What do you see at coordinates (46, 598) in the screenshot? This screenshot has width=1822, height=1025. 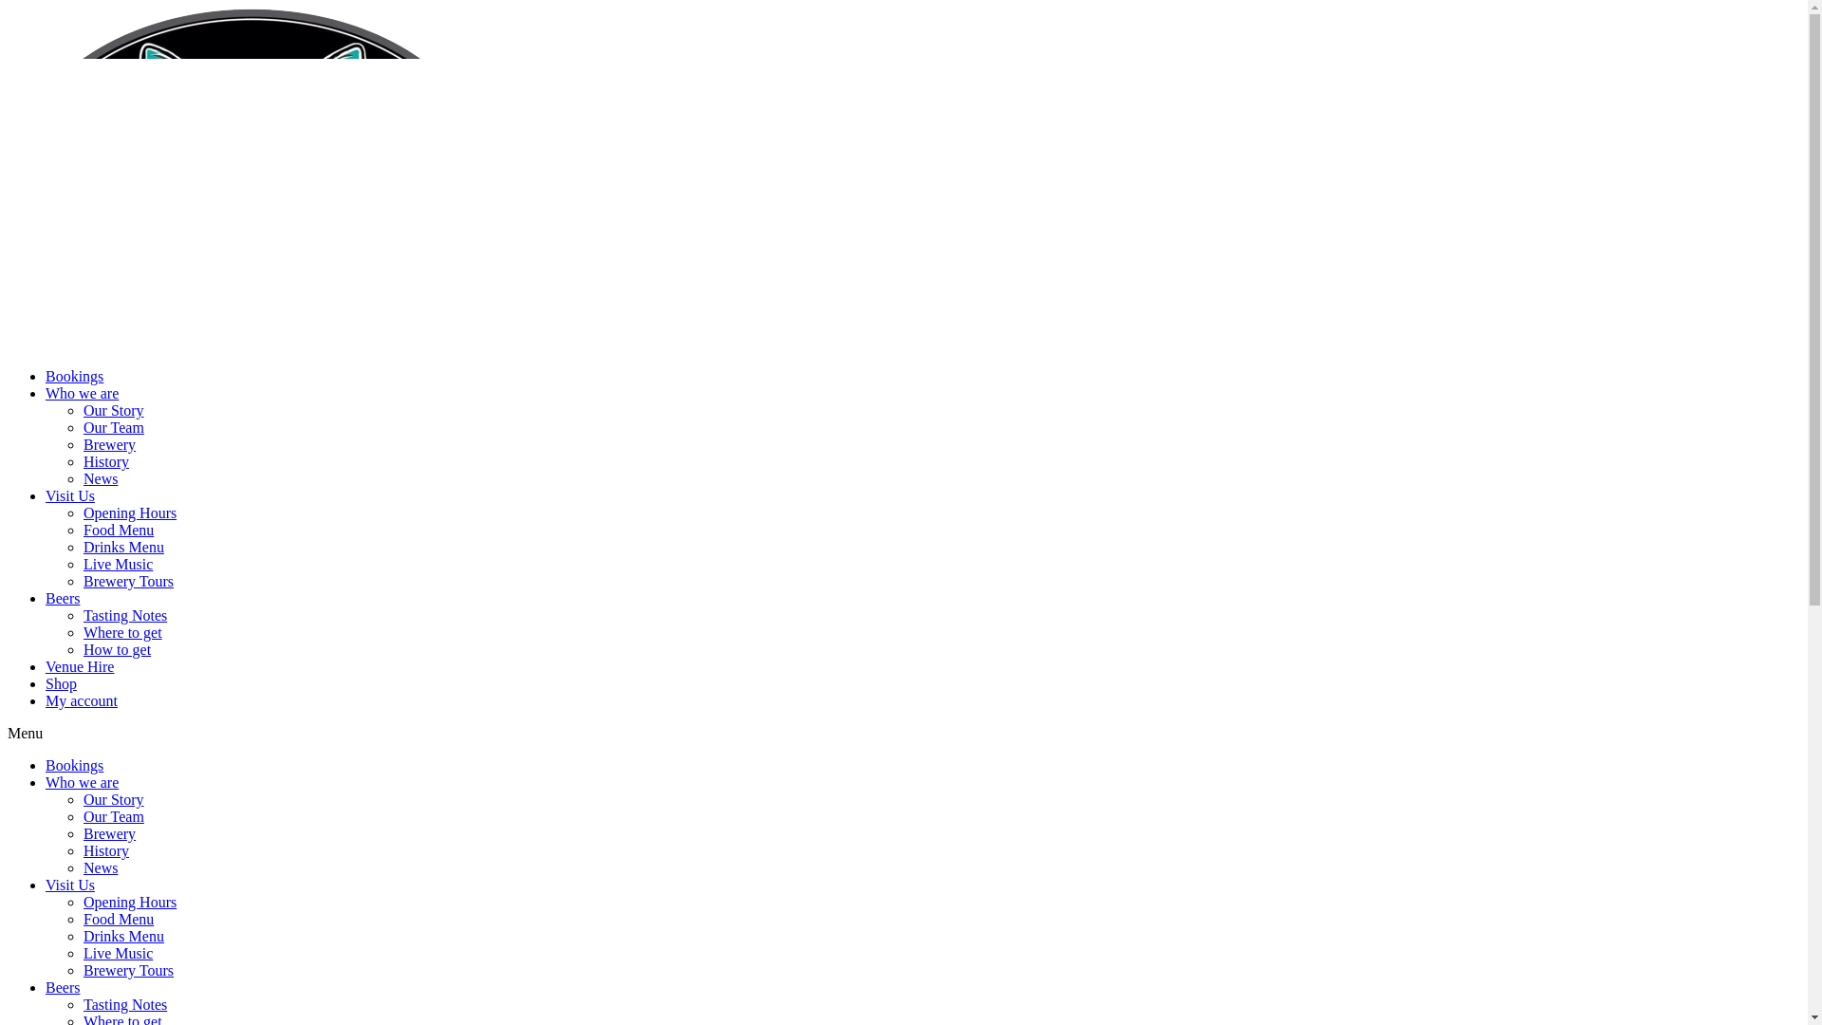 I see `'Beers'` at bounding box center [46, 598].